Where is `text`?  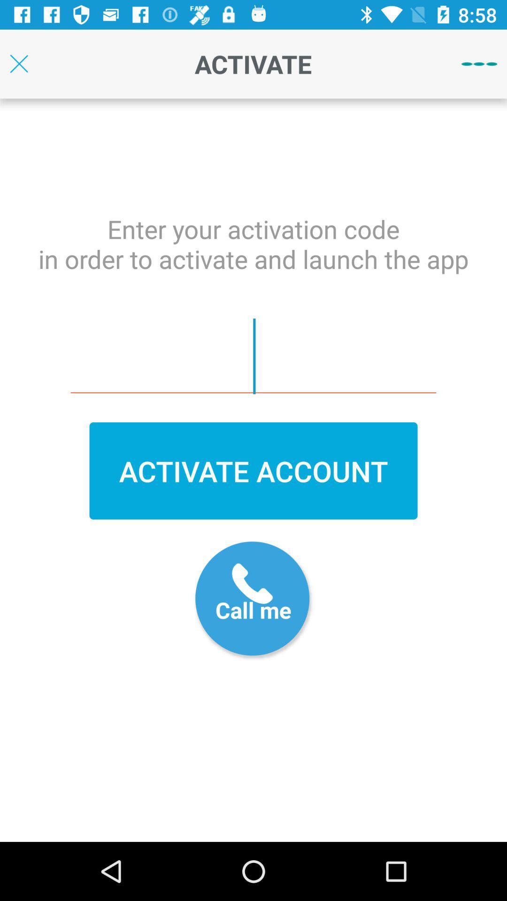 text is located at coordinates (253, 356).